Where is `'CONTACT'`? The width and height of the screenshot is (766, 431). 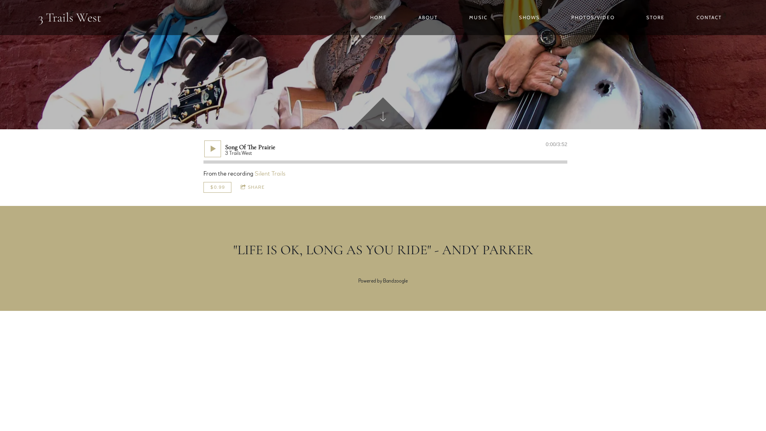 'CONTACT' is located at coordinates (709, 17).